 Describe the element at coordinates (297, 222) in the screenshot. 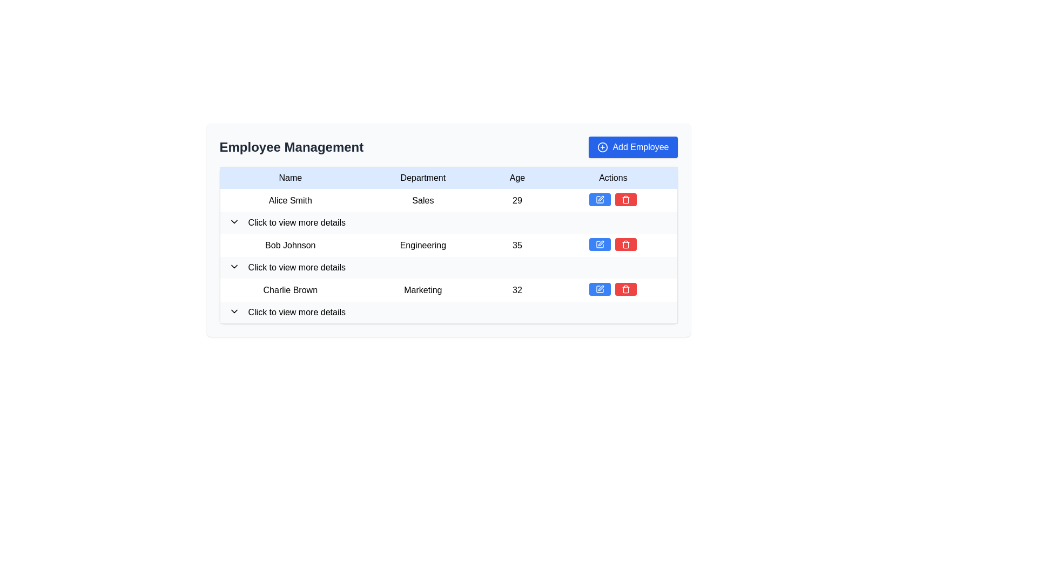

I see `the textual link located in the second row of the table, next to the 'Alice Smith' entry in the 'Name' column, to read the text` at that location.